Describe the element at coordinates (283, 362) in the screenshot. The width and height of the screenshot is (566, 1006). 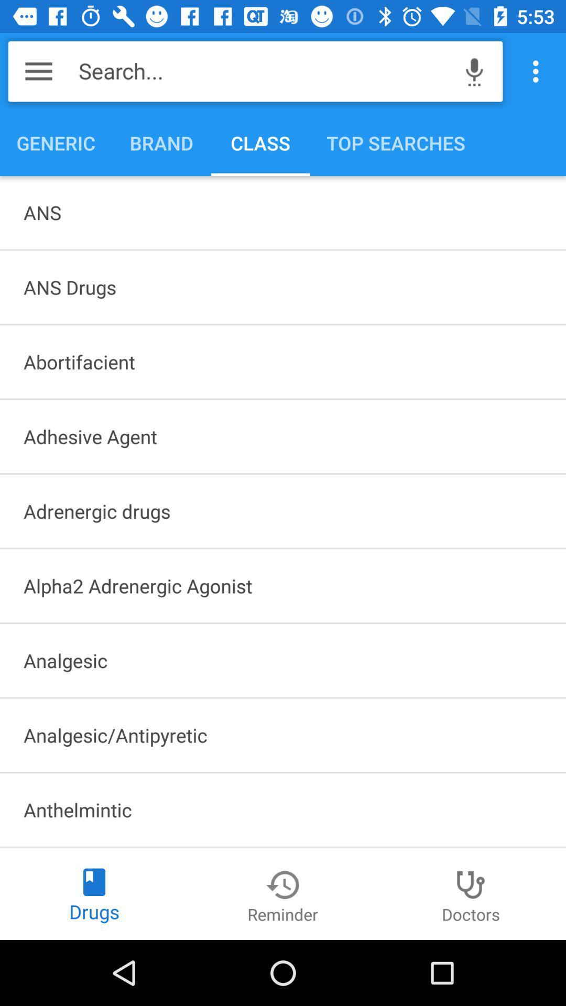
I see `abortifacient icon` at that location.